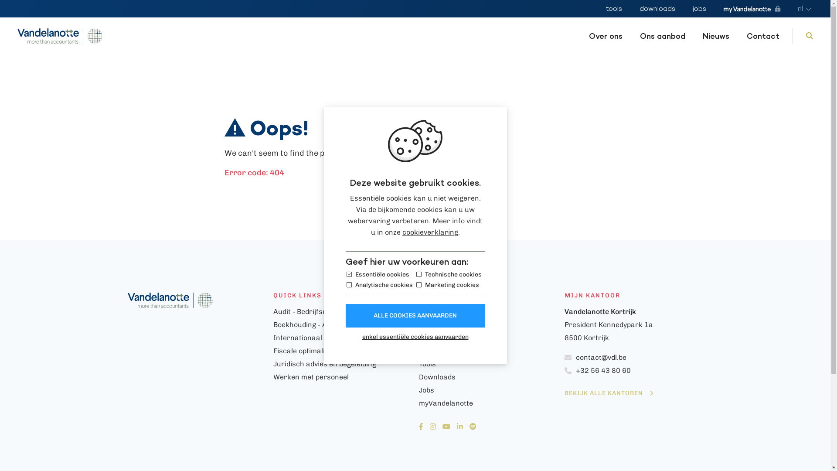 The height and width of the screenshot is (471, 837). I want to click on 'jobs', so click(699, 8).